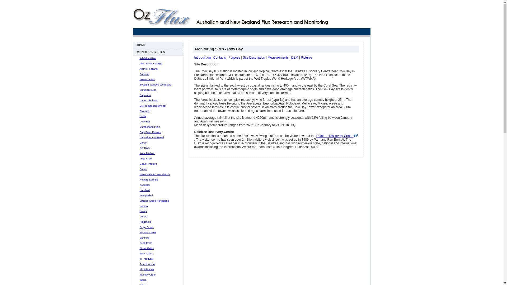 This screenshot has width=507, height=285. What do you see at coordinates (202, 58) in the screenshot?
I see `'Introduction'` at bounding box center [202, 58].